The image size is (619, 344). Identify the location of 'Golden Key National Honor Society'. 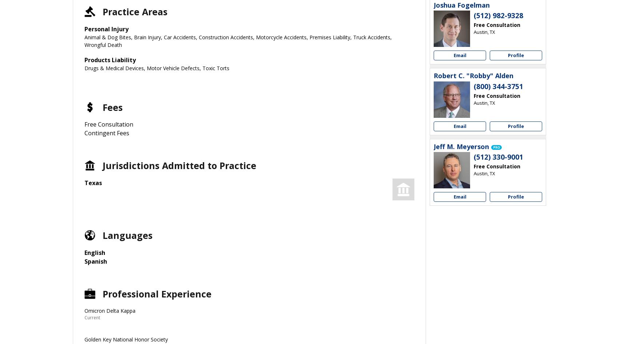
(126, 339).